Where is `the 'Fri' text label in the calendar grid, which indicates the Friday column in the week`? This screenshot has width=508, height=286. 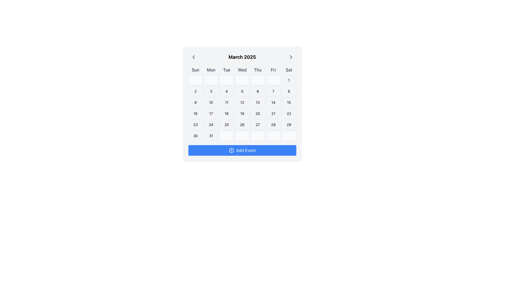 the 'Fri' text label in the calendar grid, which indicates the Friday column in the week is located at coordinates (273, 69).